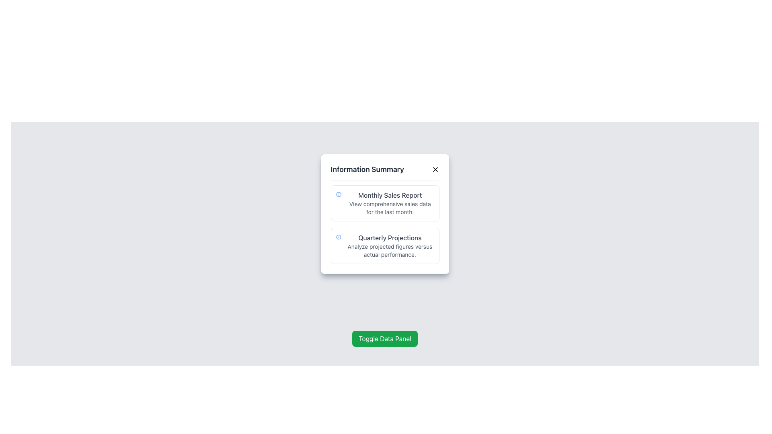 The width and height of the screenshot is (772, 434). What do you see at coordinates (390, 195) in the screenshot?
I see `the text label displaying 'Monthly Sales Report' in the 'Information Summary' dialog box, which is positioned near the top of the dialog and next to a radio button` at bounding box center [390, 195].